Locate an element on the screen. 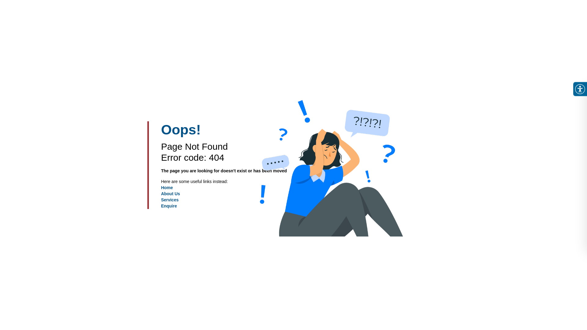 Image resolution: width=587 pixels, height=330 pixels. 'Services' is located at coordinates (170, 200).